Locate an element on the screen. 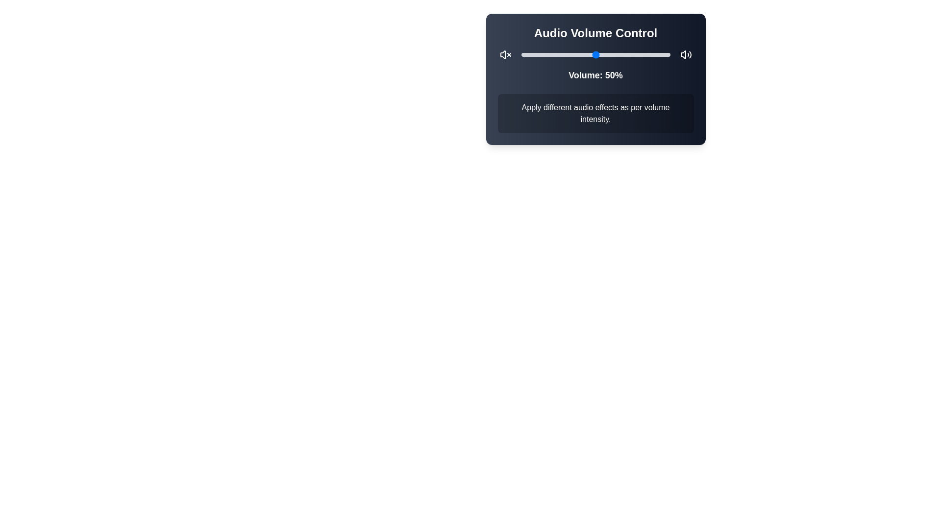  the volume slider to set the volume to 91% is located at coordinates (657, 54).